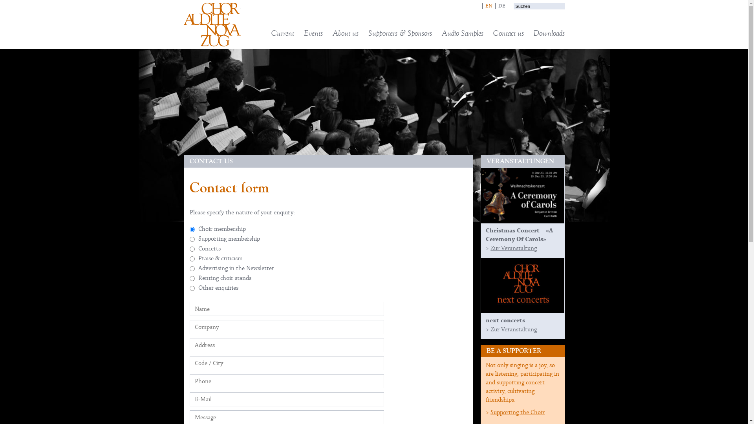 This screenshot has width=754, height=424. Describe the element at coordinates (548, 33) in the screenshot. I see `'Downloads'` at that location.